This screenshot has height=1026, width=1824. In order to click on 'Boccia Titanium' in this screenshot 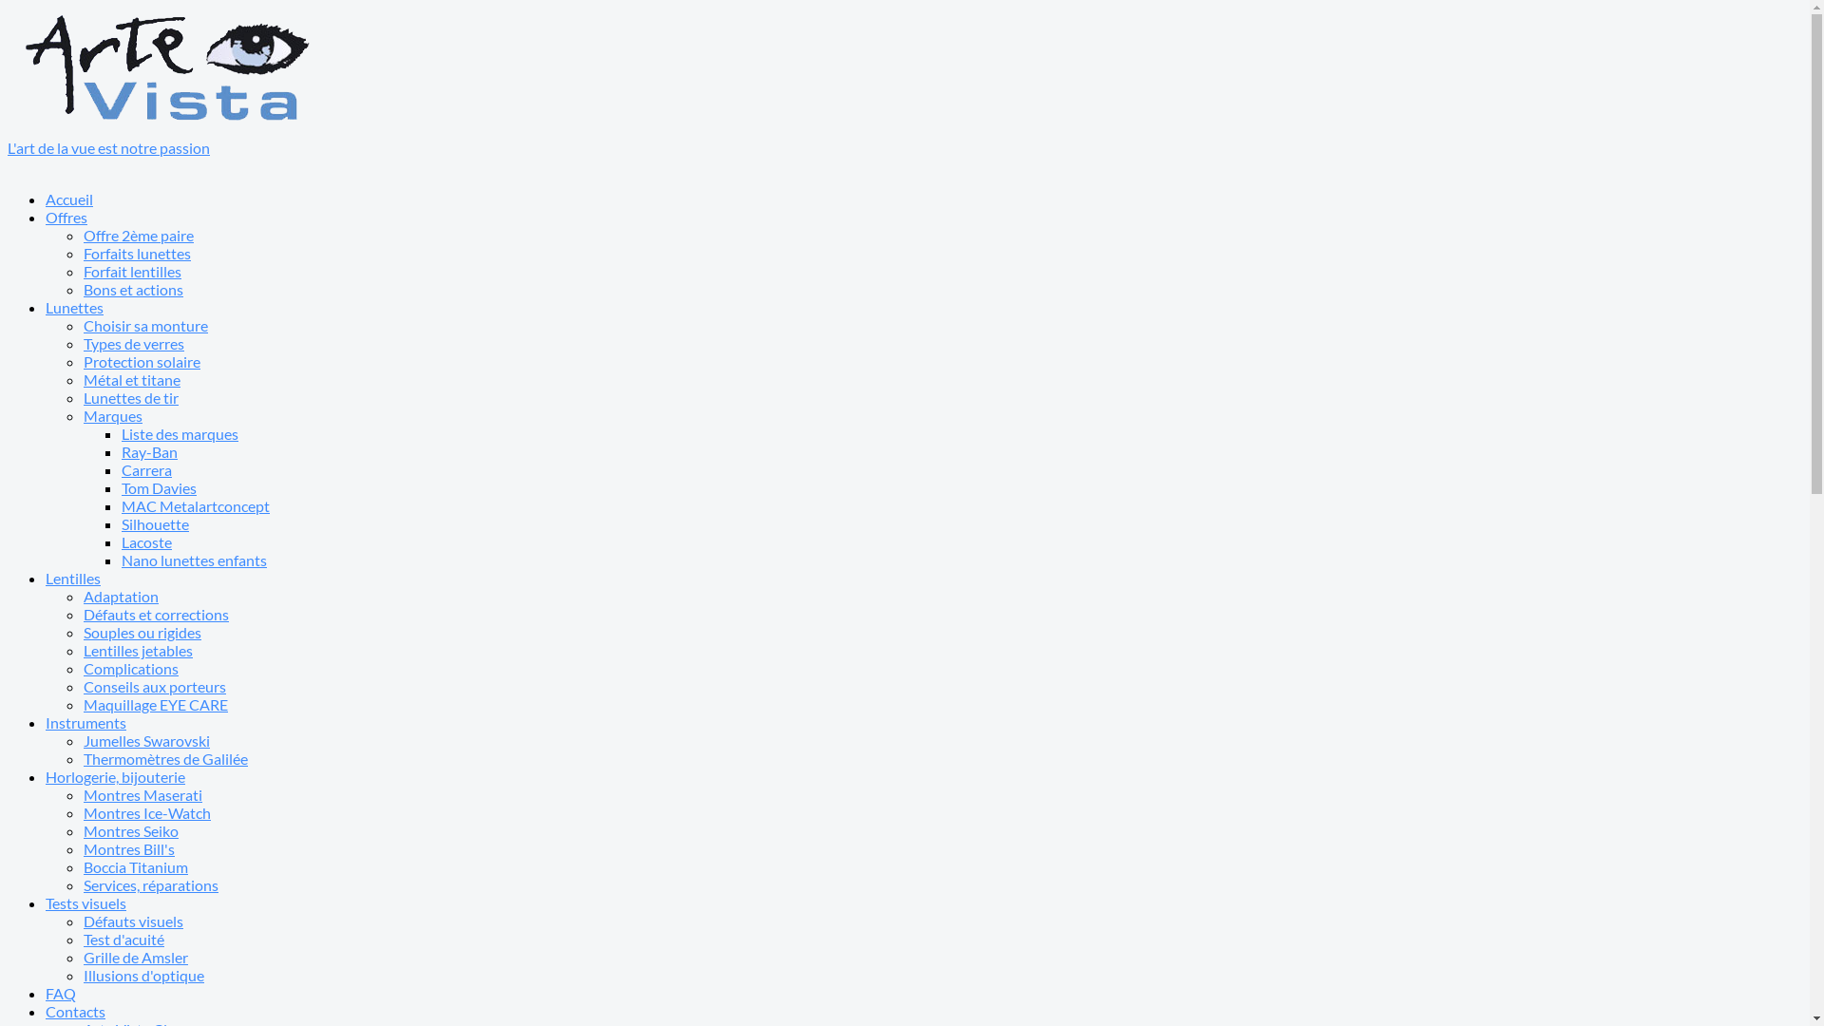, I will do `click(135, 866)`.